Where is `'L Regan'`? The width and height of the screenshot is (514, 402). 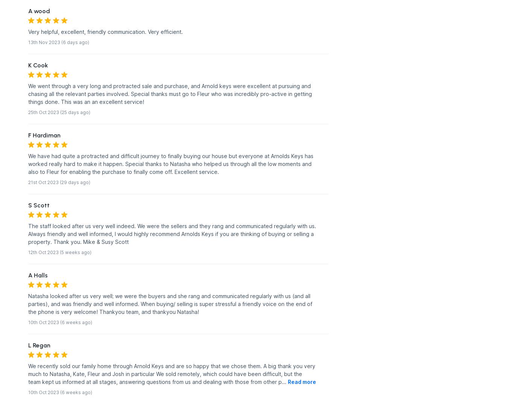
'L Regan' is located at coordinates (28, 345).